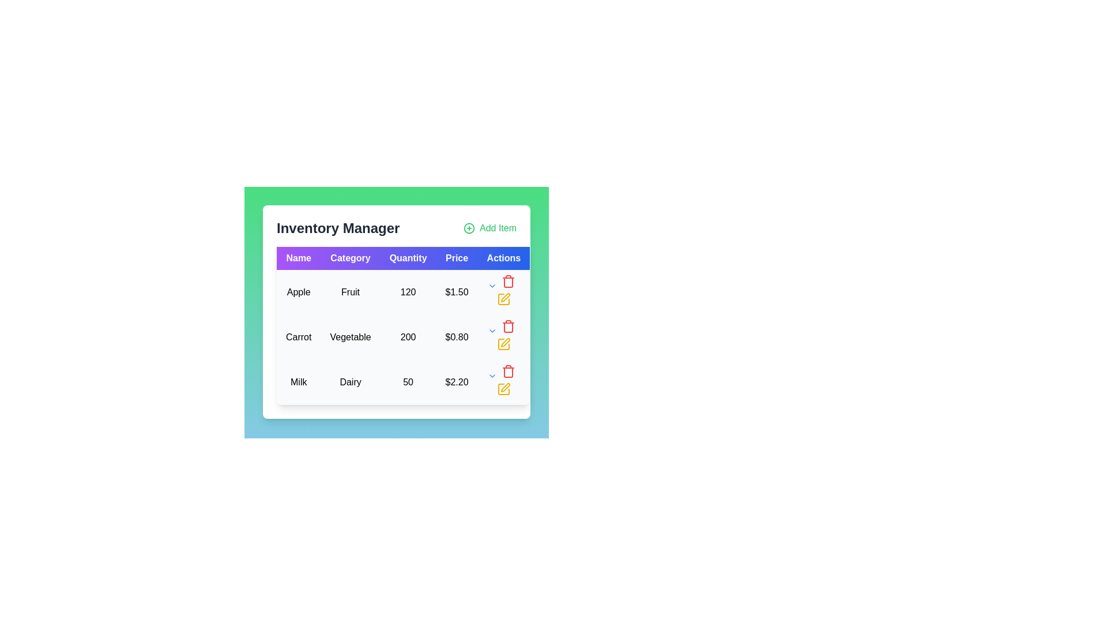 Image resolution: width=1107 pixels, height=623 pixels. What do you see at coordinates (503, 382) in the screenshot?
I see `the yellow pencil icon in the 'Actions' column of the row corresponding to 'Milk' in the 'Inventory Manager' table` at bounding box center [503, 382].